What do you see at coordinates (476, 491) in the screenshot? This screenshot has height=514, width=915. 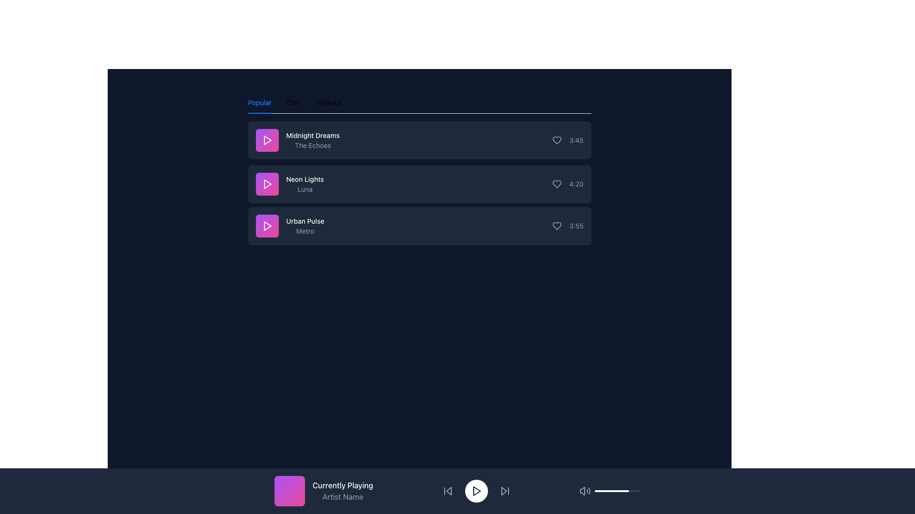 I see `the play button icon, which is a forward-facing triangular shape with a black outline located centrally within a white circular button in the bottom control panel, to play the audio track` at bounding box center [476, 491].